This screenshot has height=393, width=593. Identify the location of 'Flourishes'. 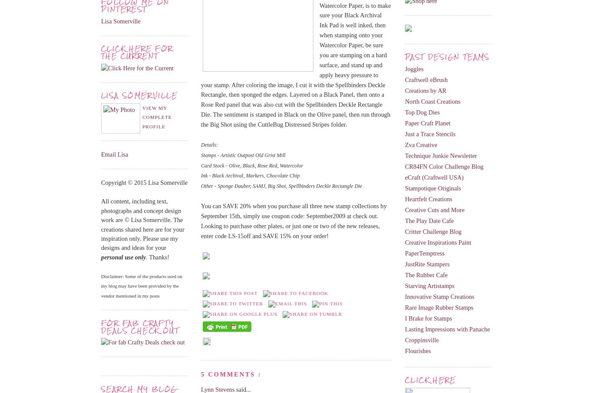
(418, 350).